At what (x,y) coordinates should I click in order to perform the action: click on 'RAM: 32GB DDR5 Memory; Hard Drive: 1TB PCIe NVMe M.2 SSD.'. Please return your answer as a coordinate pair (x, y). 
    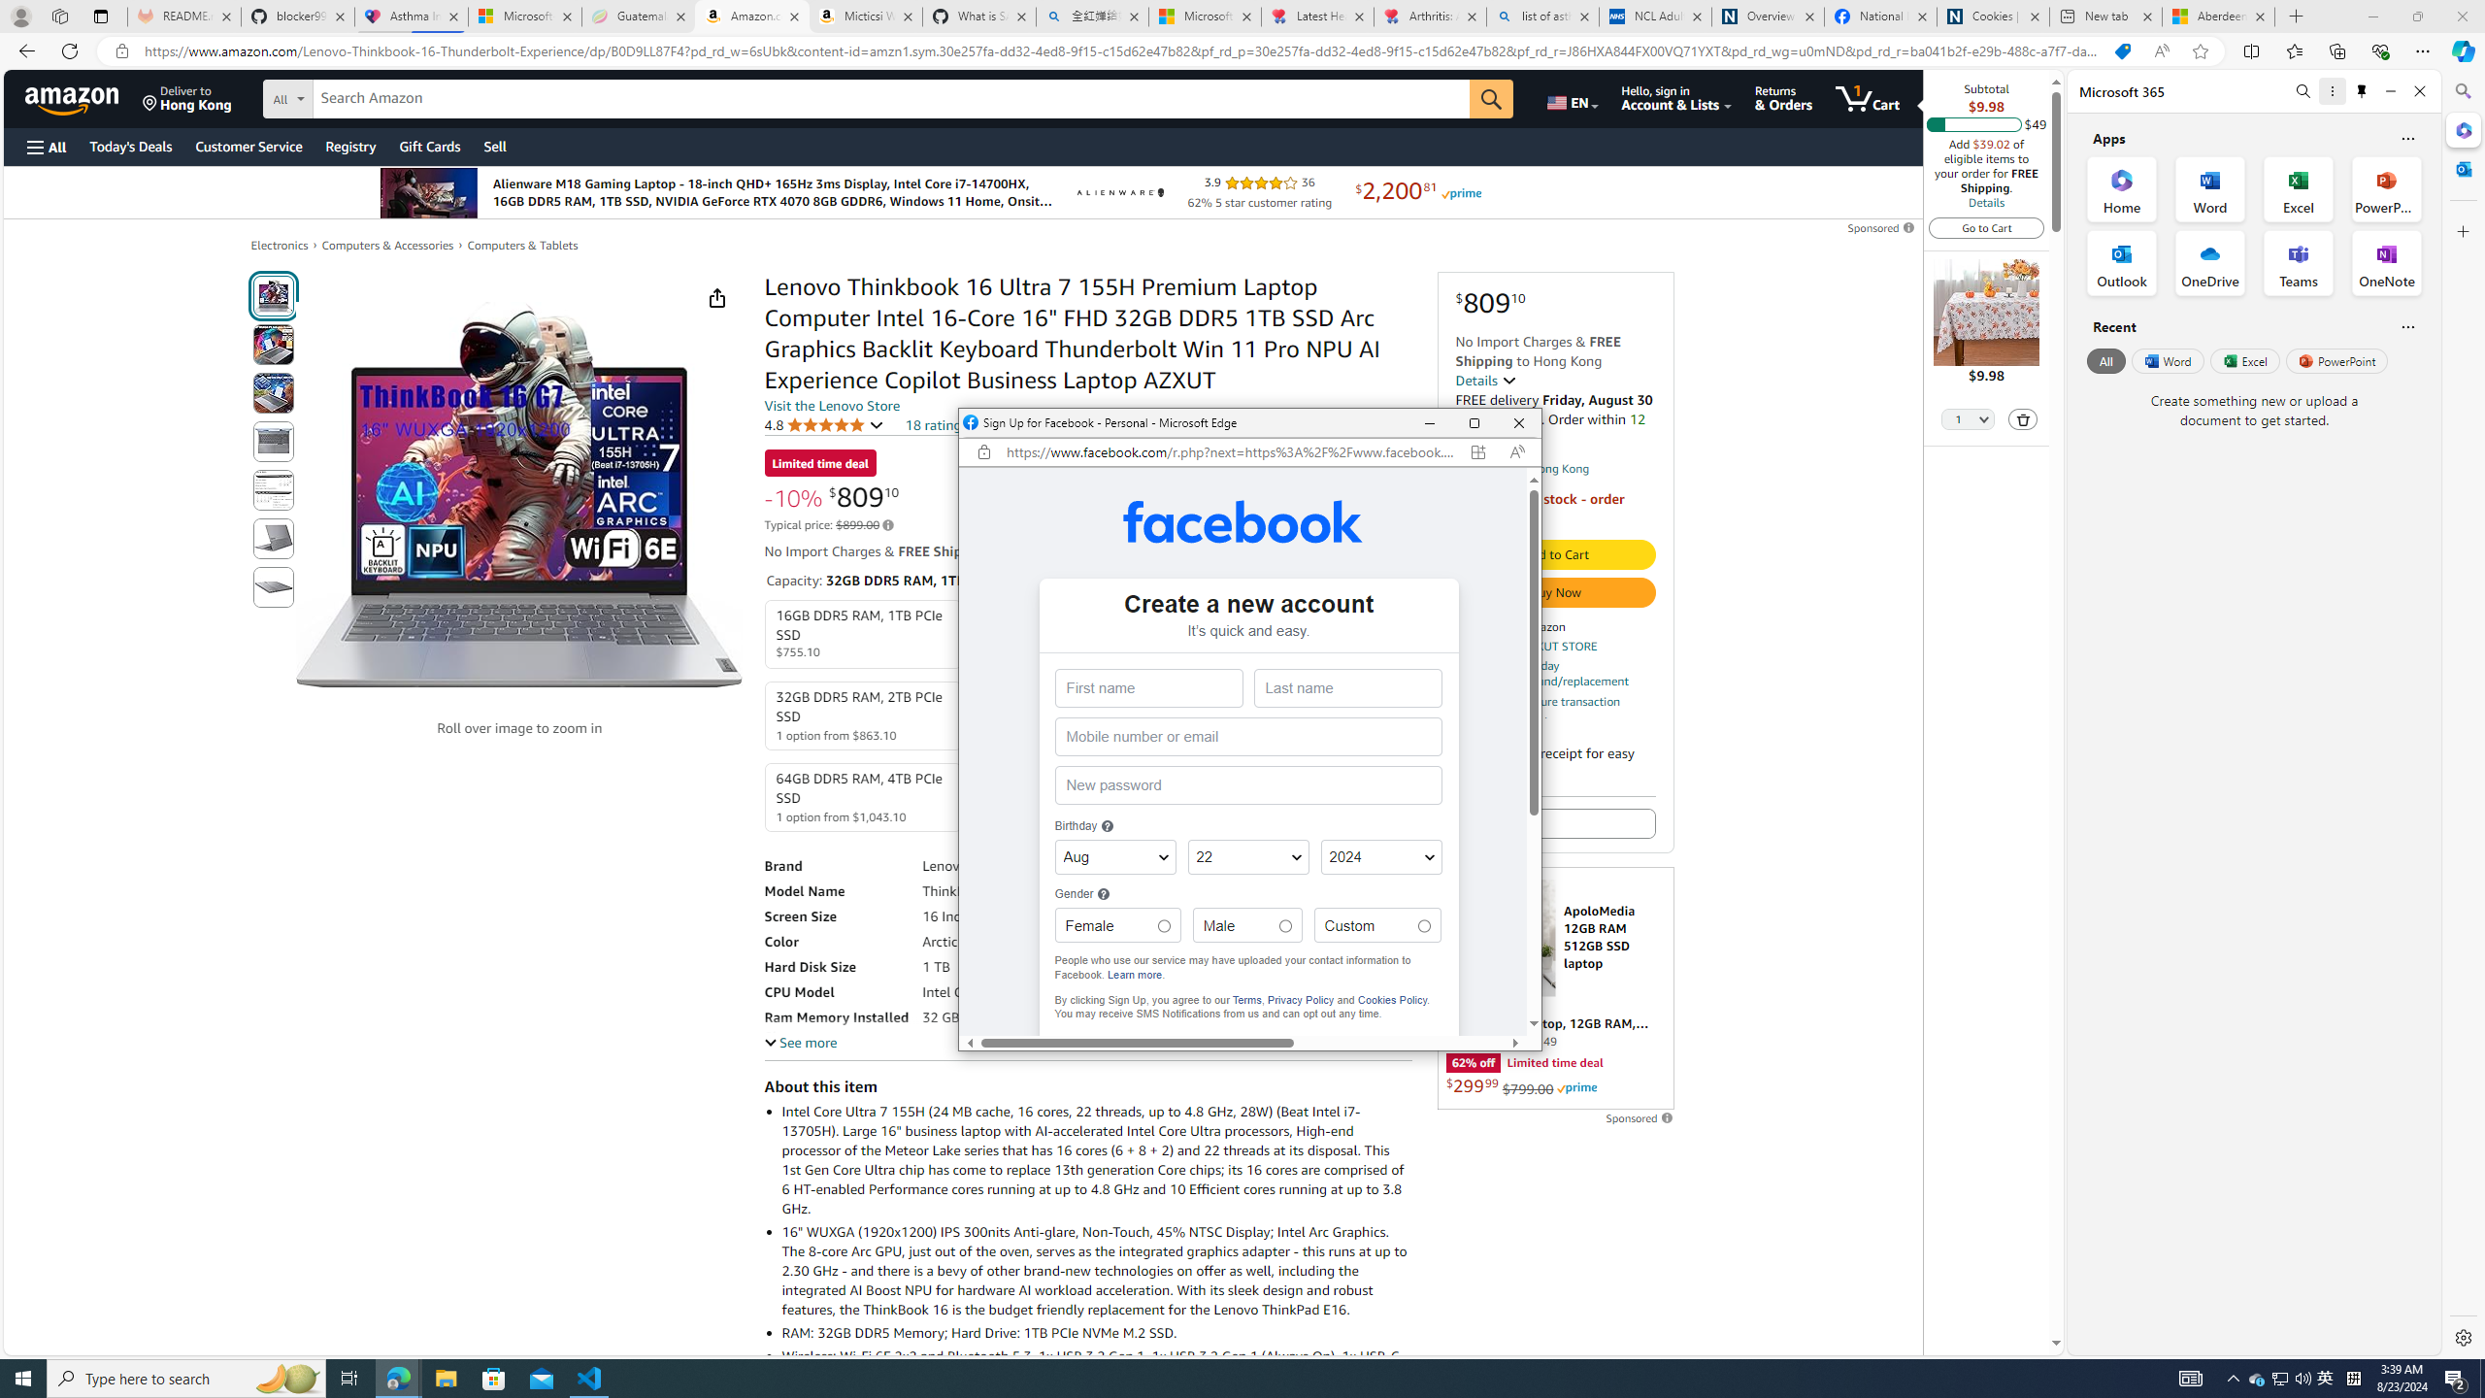
    Looking at the image, I should click on (1095, 1332).